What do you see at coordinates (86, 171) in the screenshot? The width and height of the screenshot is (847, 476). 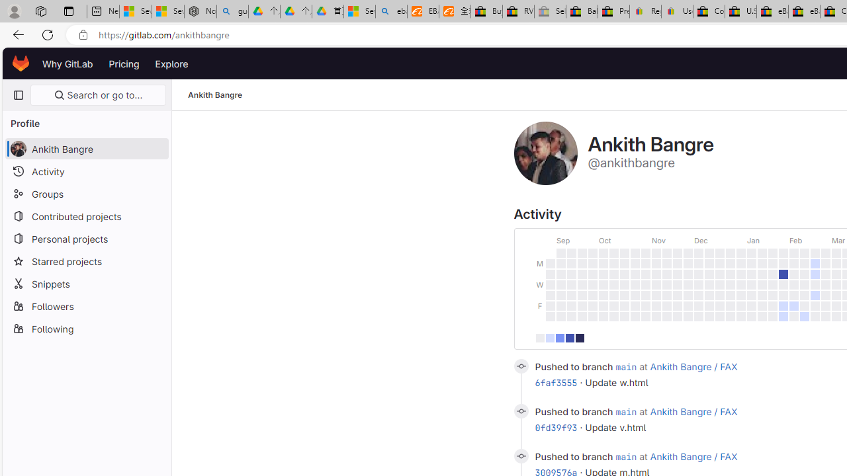 I see `'Activity'` at bounding box center [86, 171].